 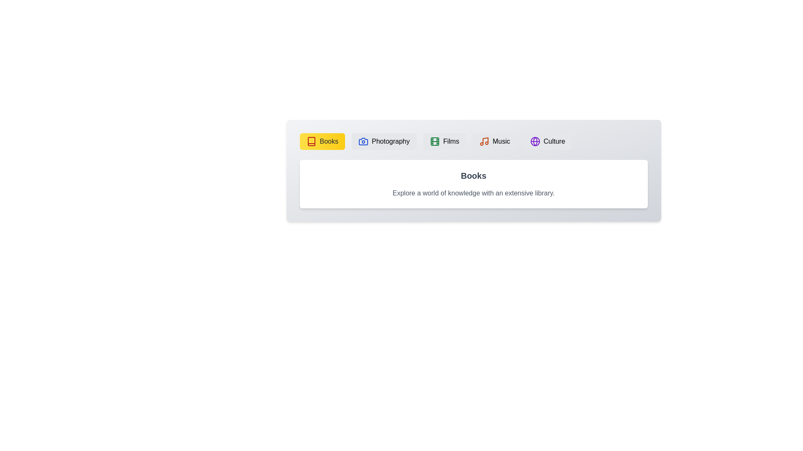 I want to click on the tab titled Music to activate its content, so click(x=494, y=141).